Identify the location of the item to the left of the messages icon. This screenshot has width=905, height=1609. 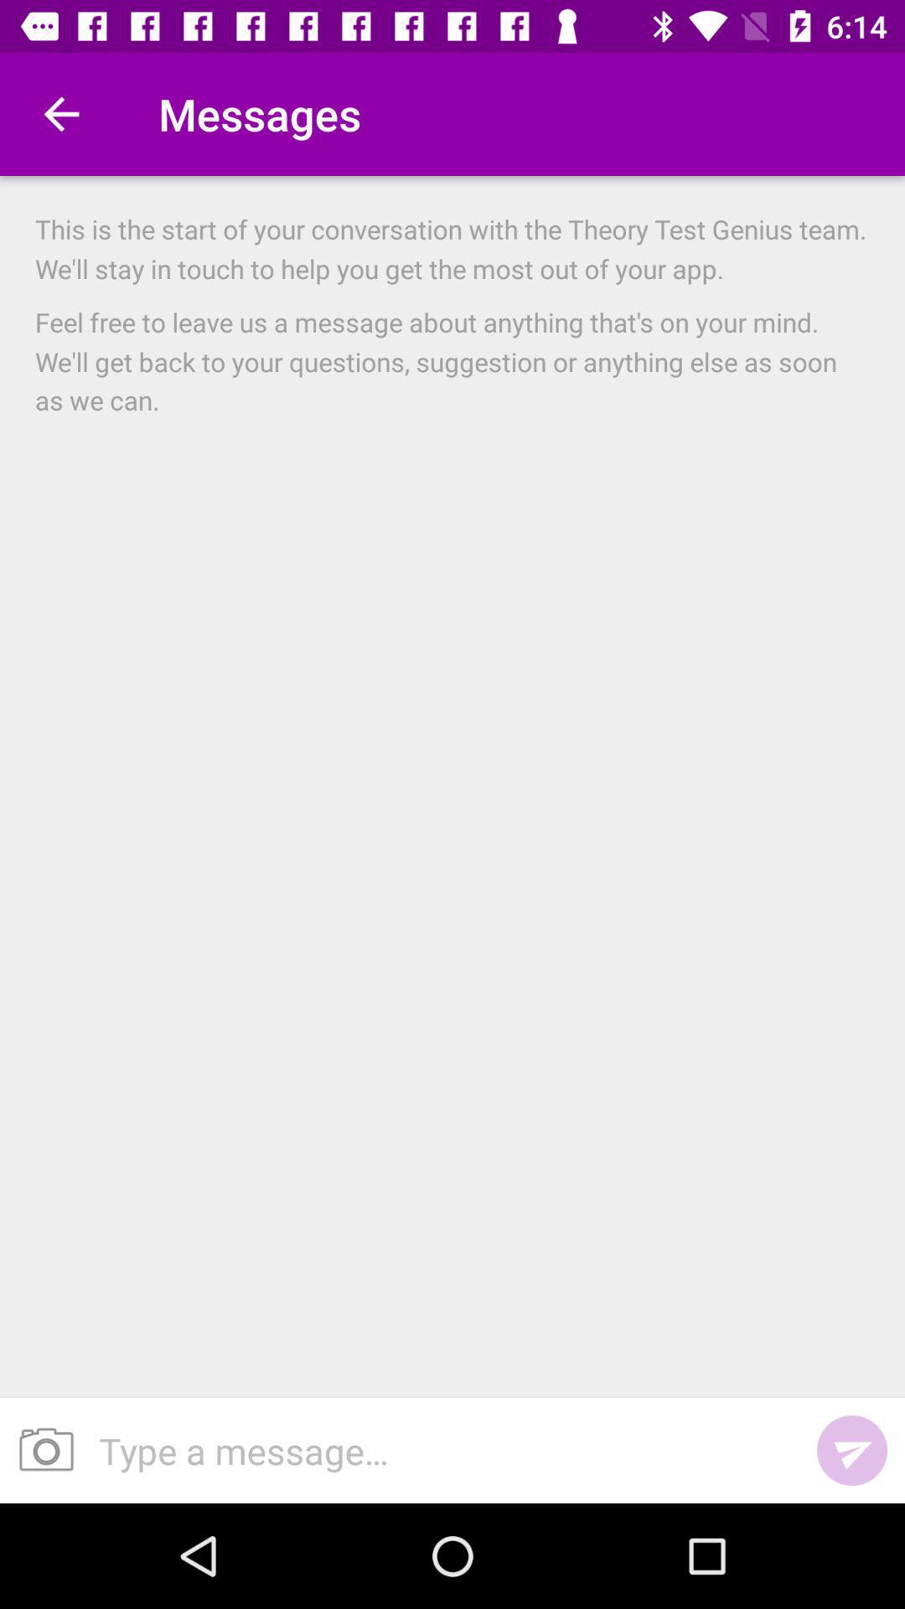
(60, 113).